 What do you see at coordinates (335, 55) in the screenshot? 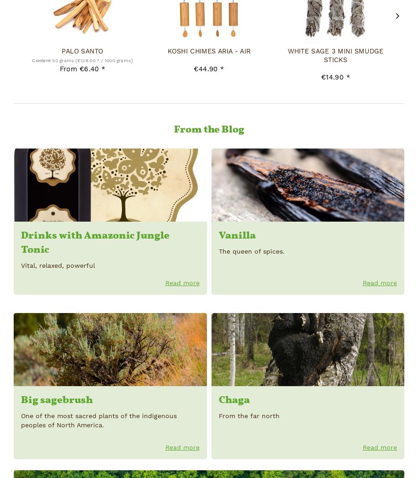
I see `'White Sage 3 Mini Smudge Sticks'` at bounding box center [335, 55].